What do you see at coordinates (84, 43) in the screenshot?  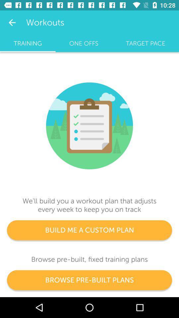 I see `the one offs` at bounding box center [84, 43].